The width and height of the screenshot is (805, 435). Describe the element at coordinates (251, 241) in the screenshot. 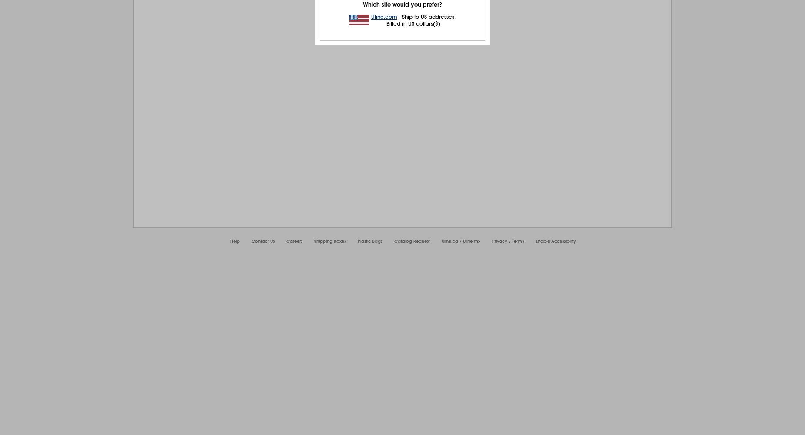

I see `'Contact Us'` at that location.